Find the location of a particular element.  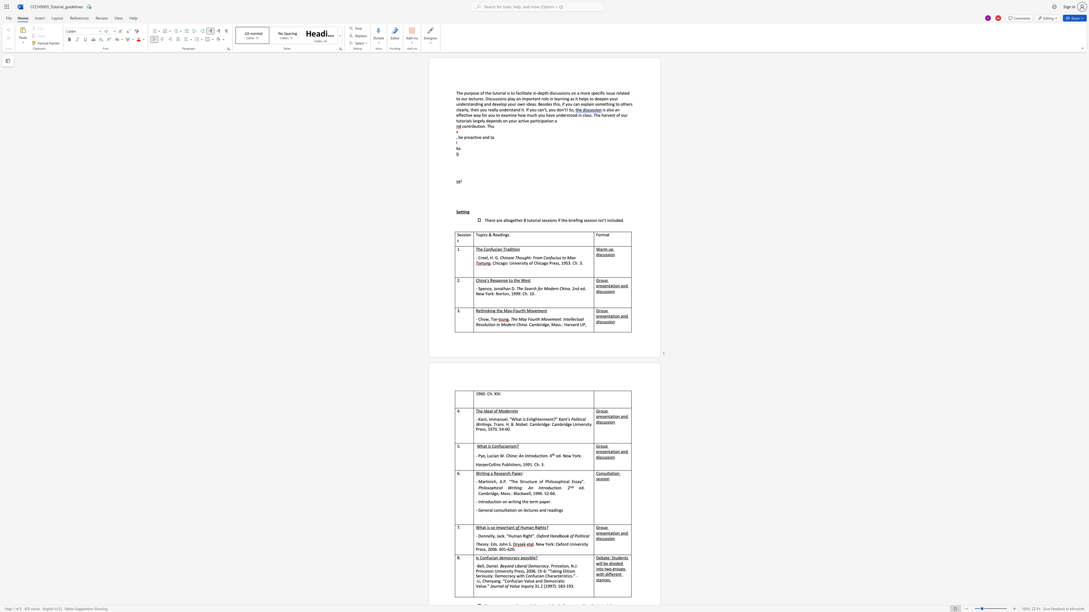

the subset text "el." within the text "-Bell, Daniel." is located at coordinates (494, 566).